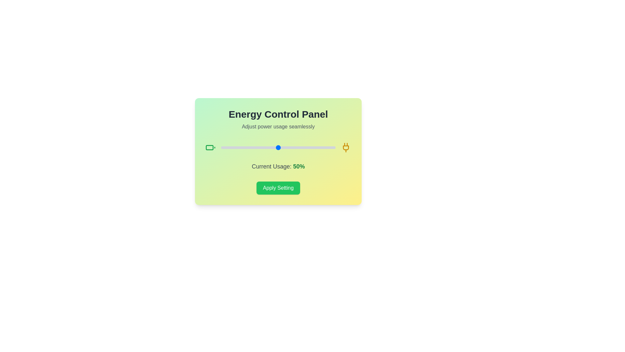  Describe the element at coordinates (223, 147) in the screenshot. I see `the current usage` at that location.